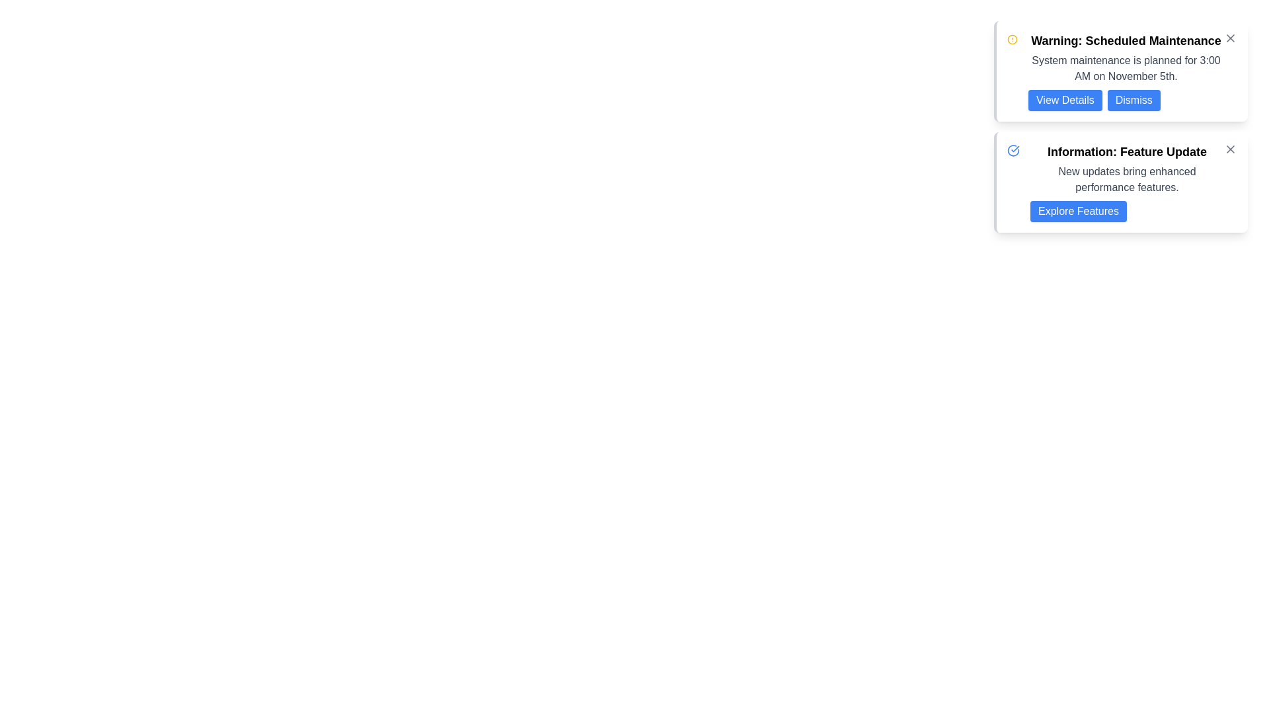 The width and height of the screenshot is (1269, 714). I want to click on the Close button located at the top-right corner of the 'Information: Feature Update' message box, so click(1230, 149).